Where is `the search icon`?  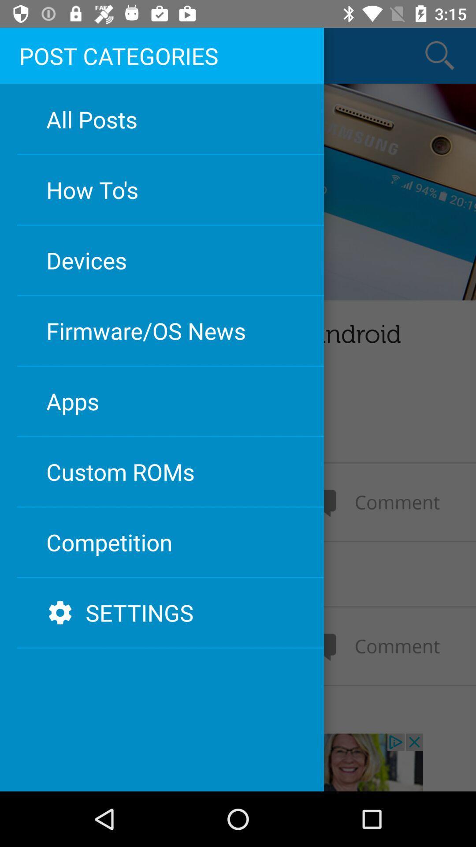
the search icon is located at coordinates (428, 55).